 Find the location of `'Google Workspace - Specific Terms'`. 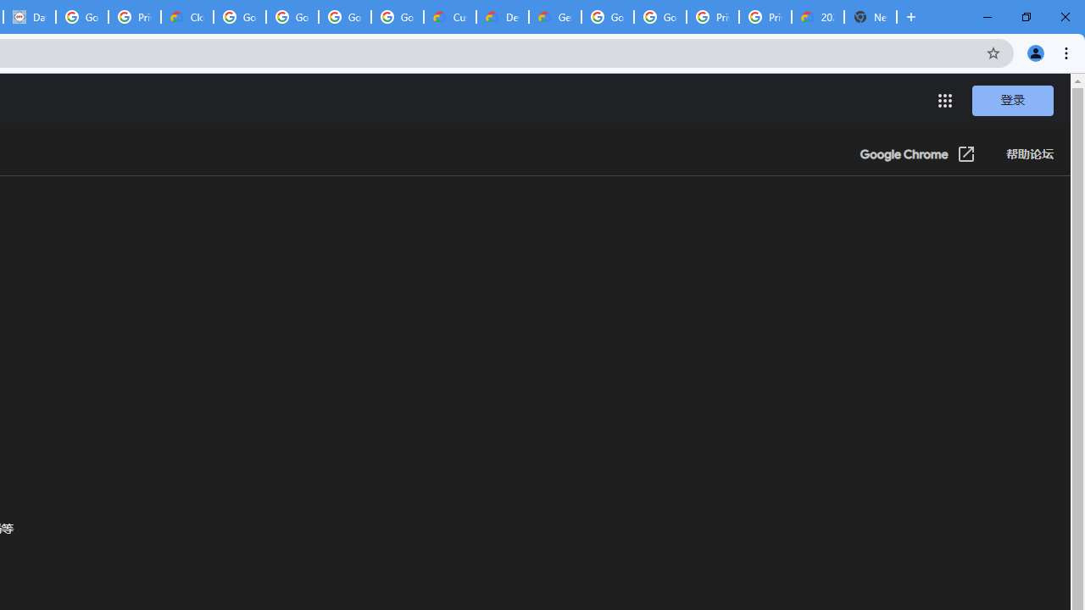

'Google Workspace - Specific Terms' is located at coordinates (344, 17).